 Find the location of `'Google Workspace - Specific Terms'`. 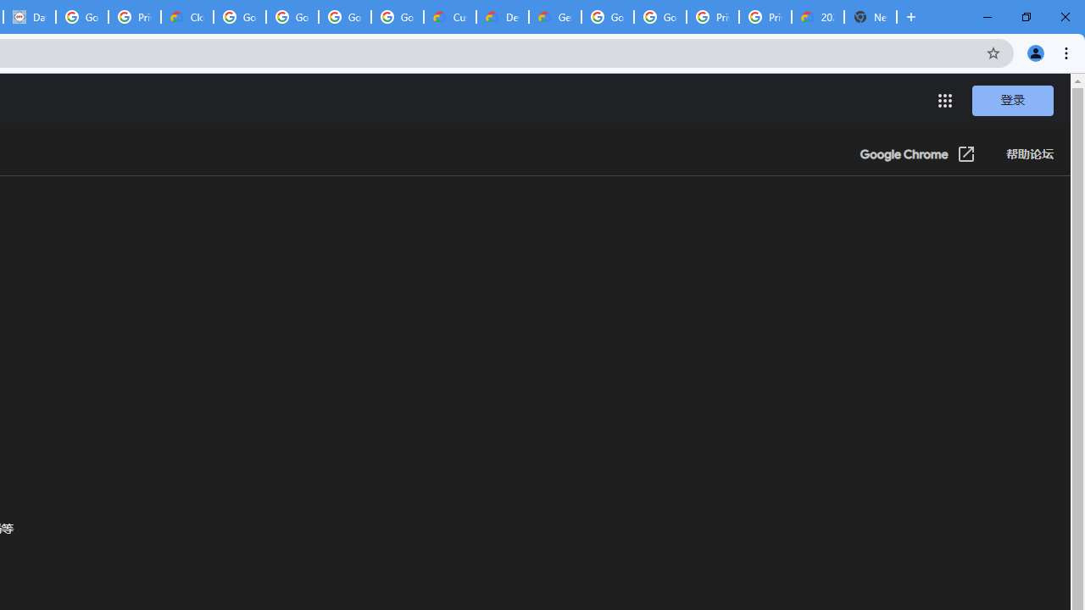

'Google Workspace - Specific Terms' is located at coordinates (344, 17).